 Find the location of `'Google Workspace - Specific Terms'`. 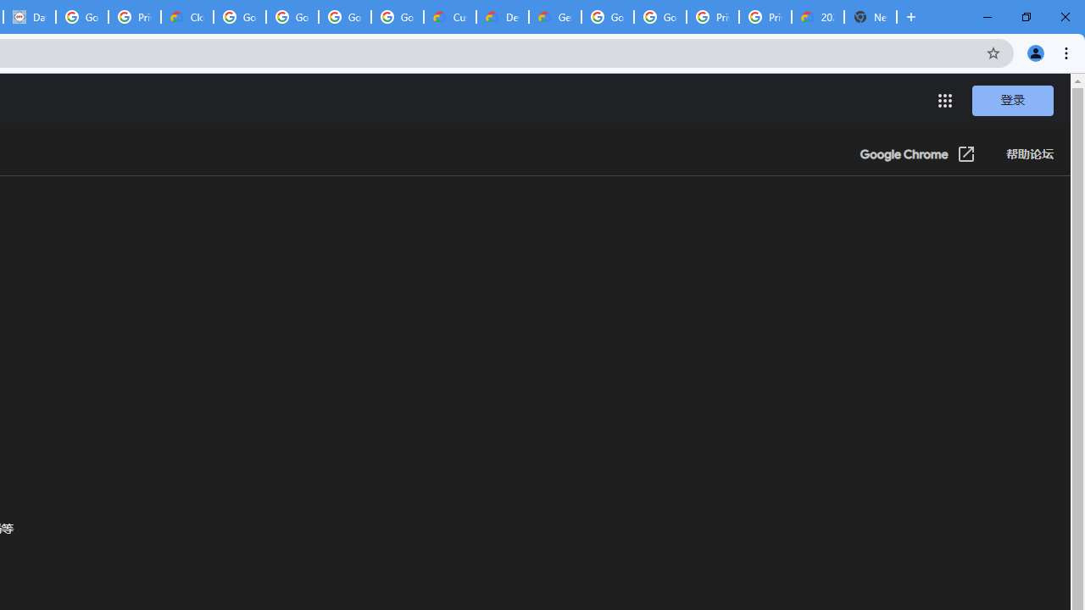

'Google Workspace - Specific Terms' is located at coordinates (344, 17).